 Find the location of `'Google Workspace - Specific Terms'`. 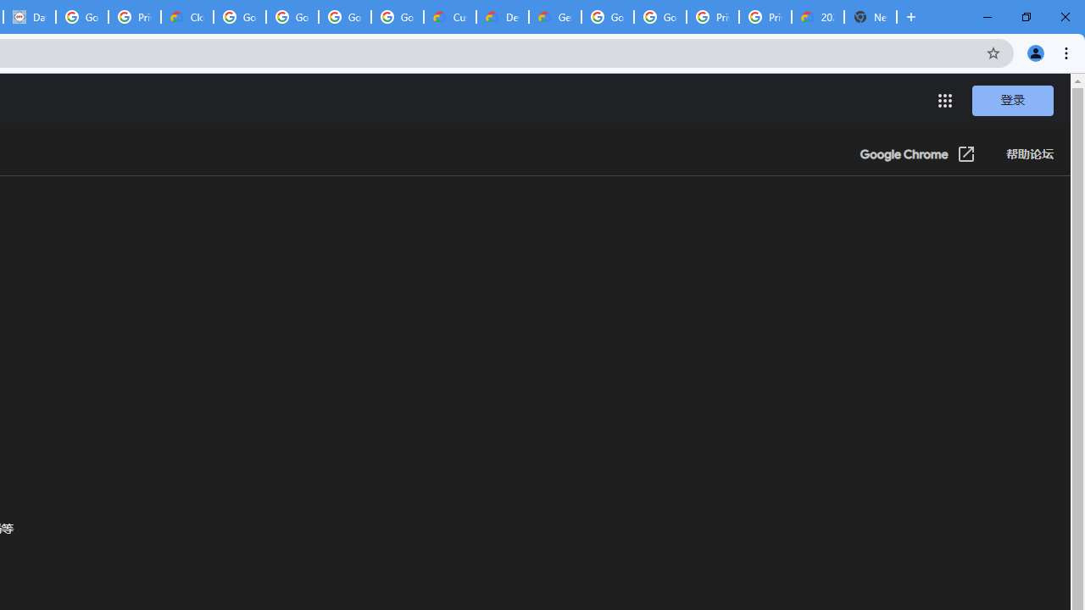

'Google Workspace - Specific Terms' is located at coordinates (344, 17).